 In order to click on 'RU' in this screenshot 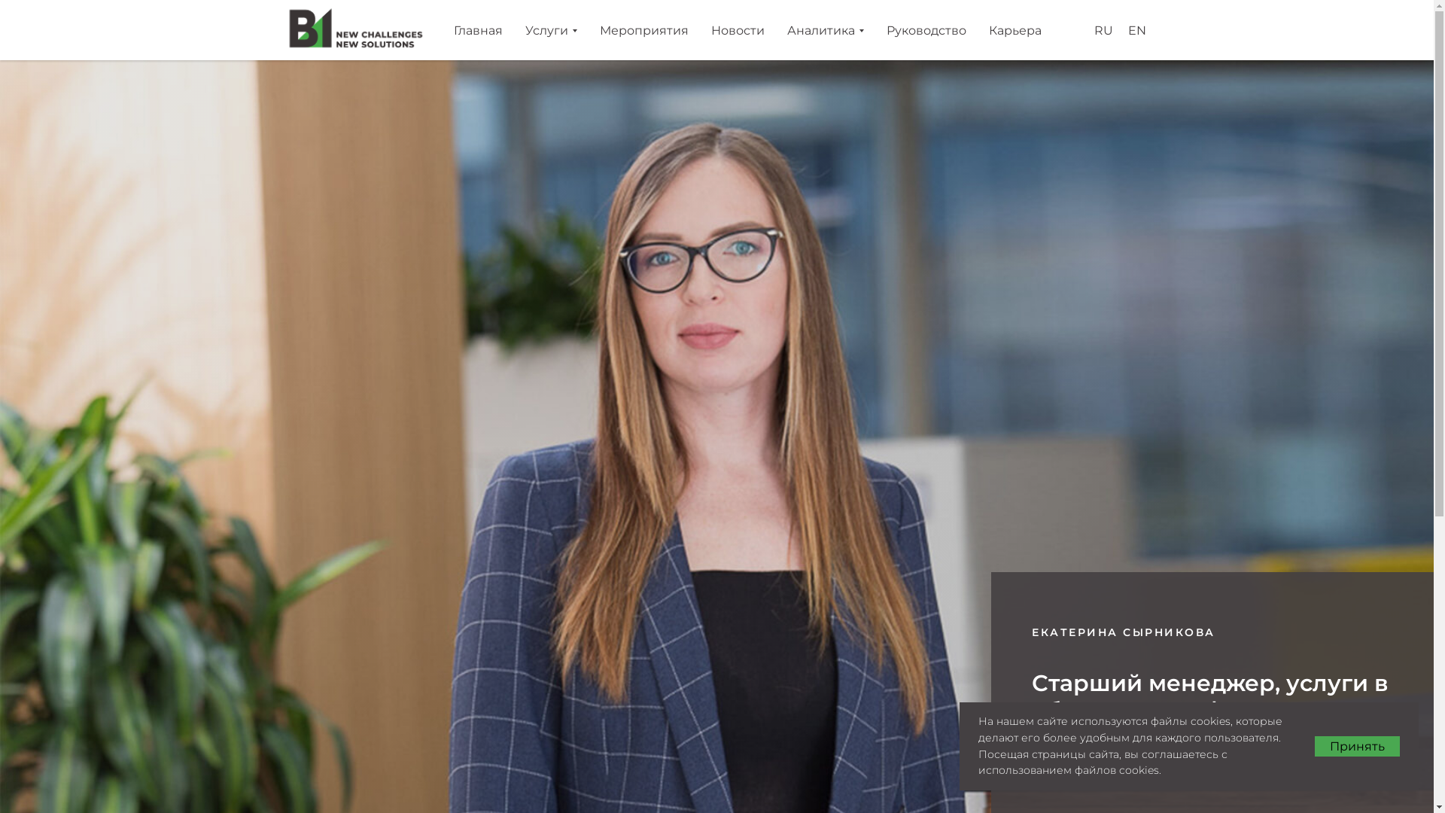, I will do `click(1094, 29)`.